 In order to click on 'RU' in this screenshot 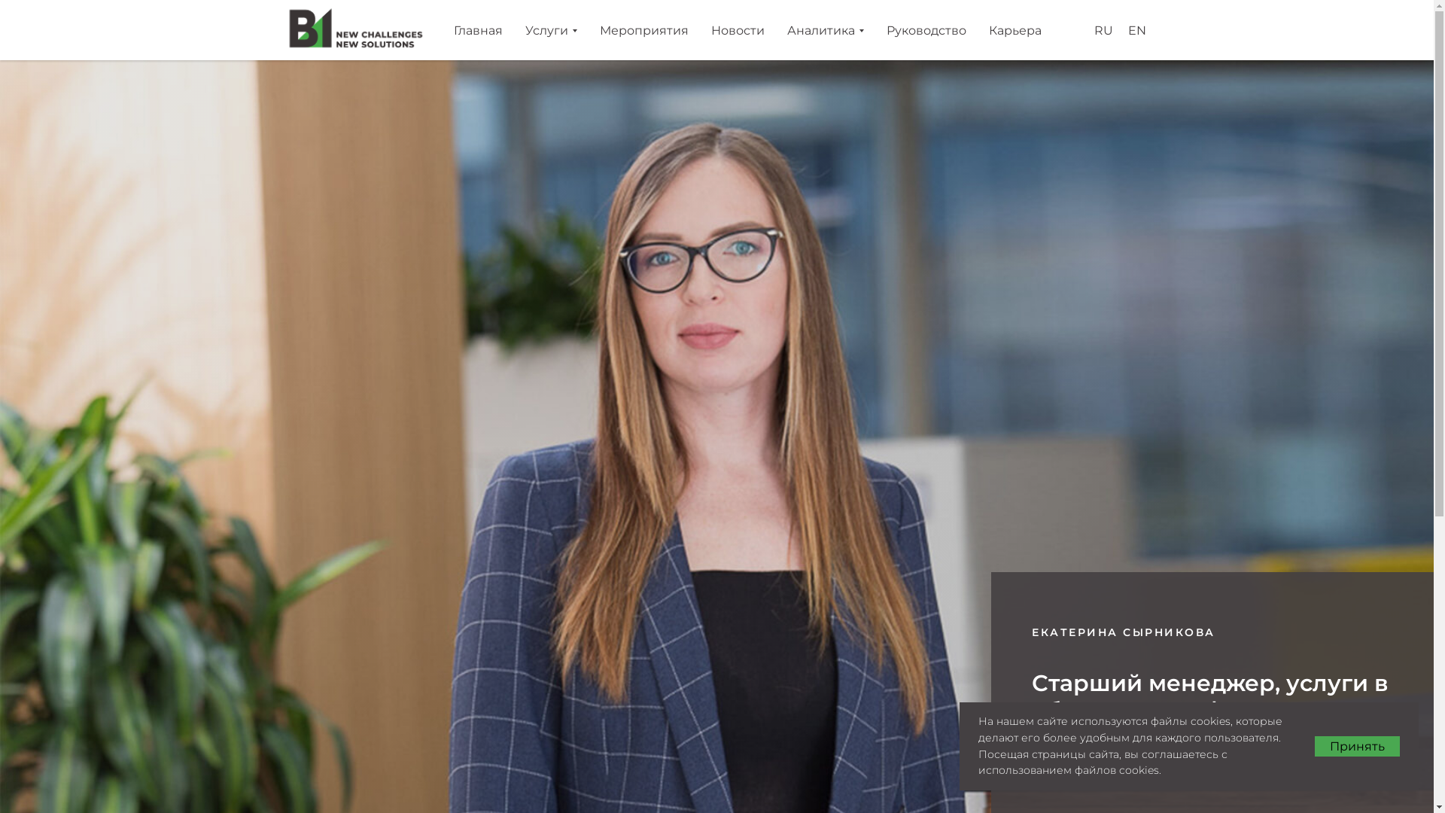, I will do `click(1094, 29)`.